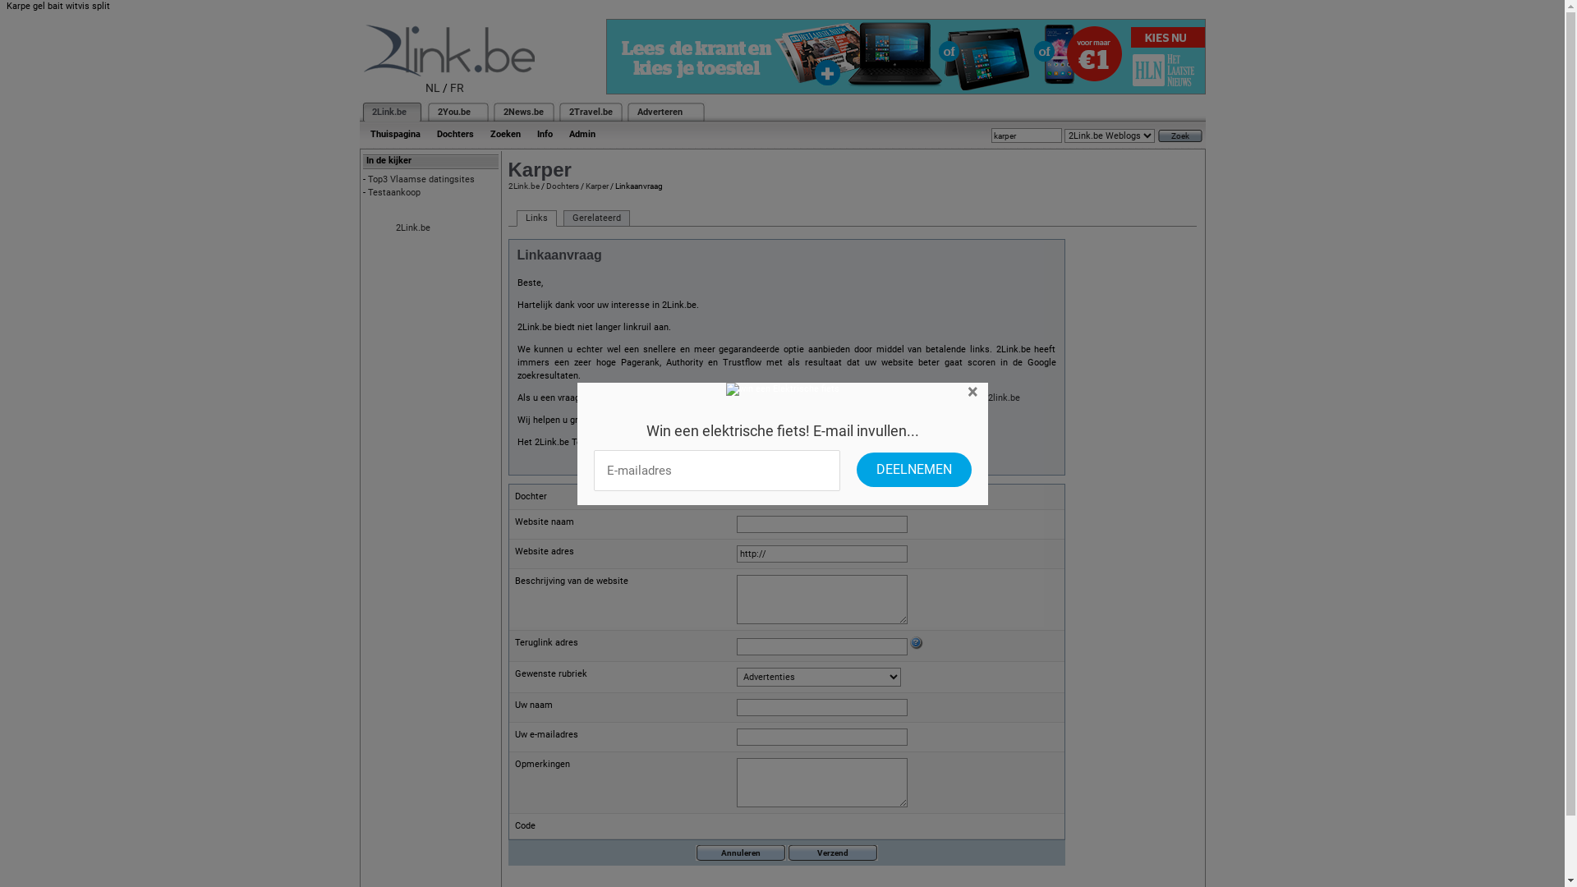 The width and height of the screenshot is (1577, 887). What do you see at coordinates (429, 133) in the screenshot?
I see `'Dochters'` at bounding box center [429, 133].